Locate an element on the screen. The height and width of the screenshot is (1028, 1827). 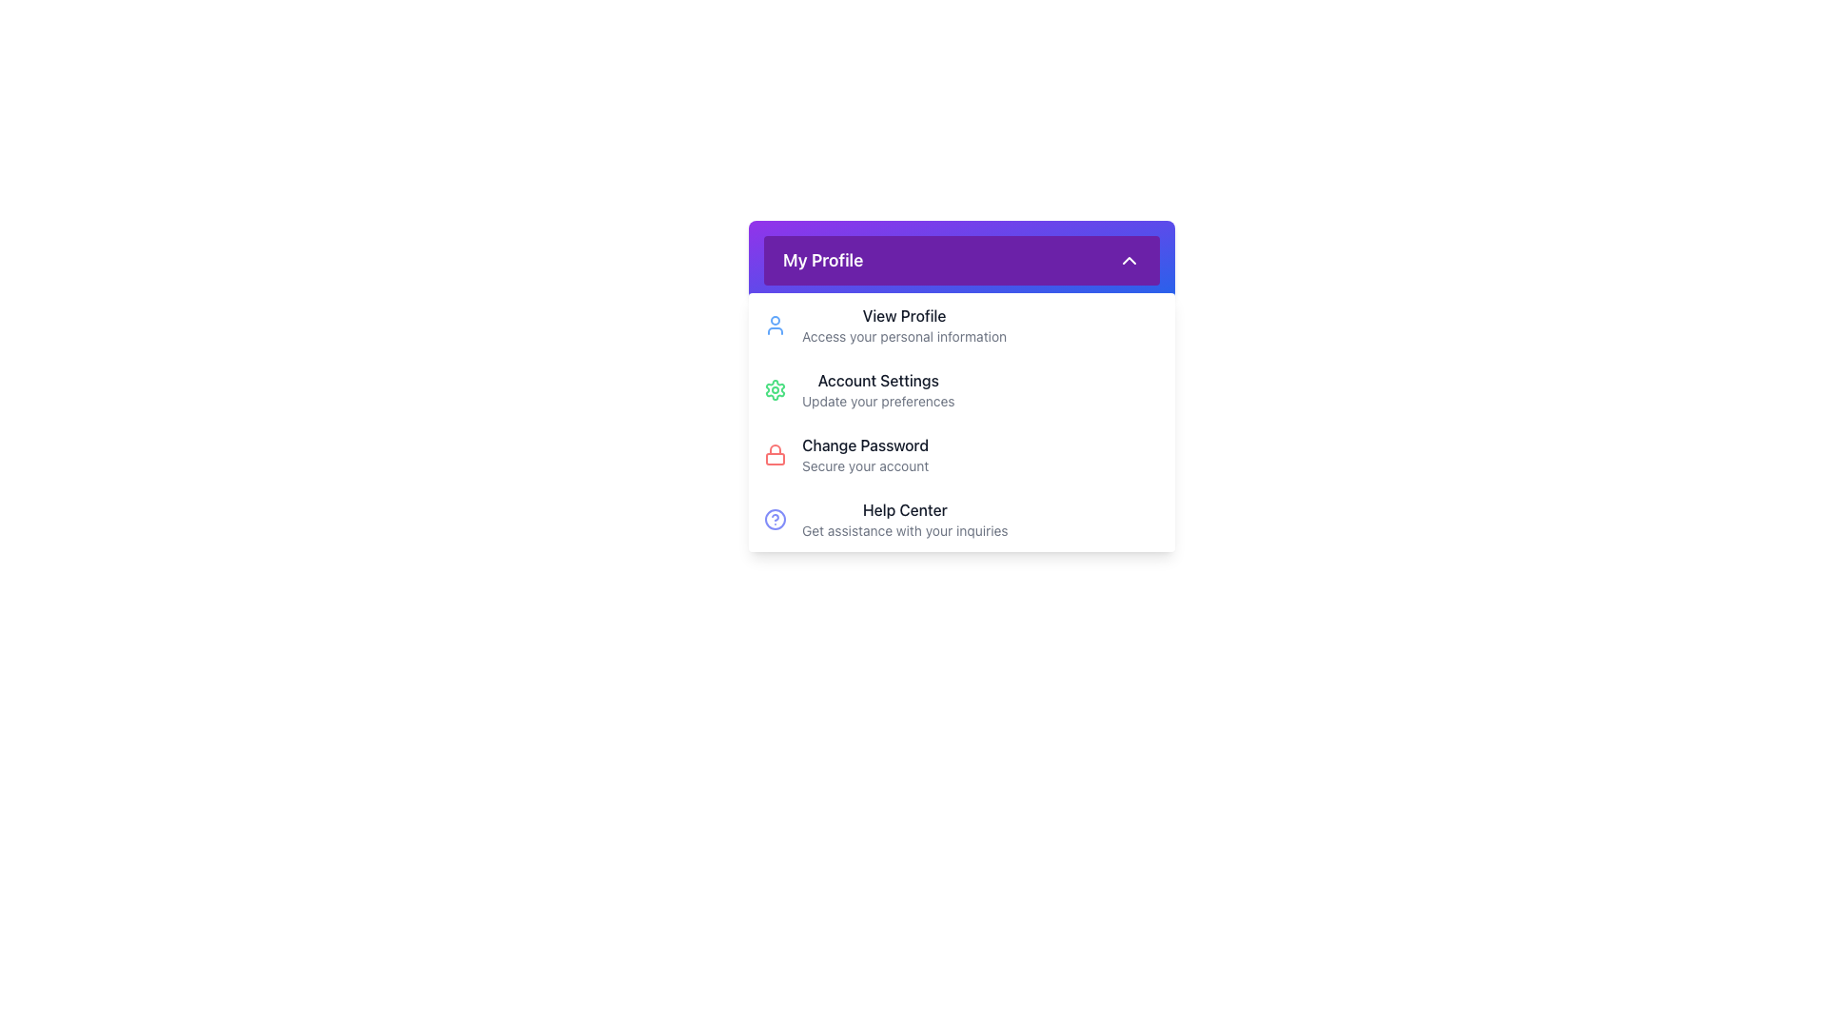
the circular indigo icon with a hollow center and a question mark design, located to the left of the 'Help Center' section is located at coordinates (776, 520).